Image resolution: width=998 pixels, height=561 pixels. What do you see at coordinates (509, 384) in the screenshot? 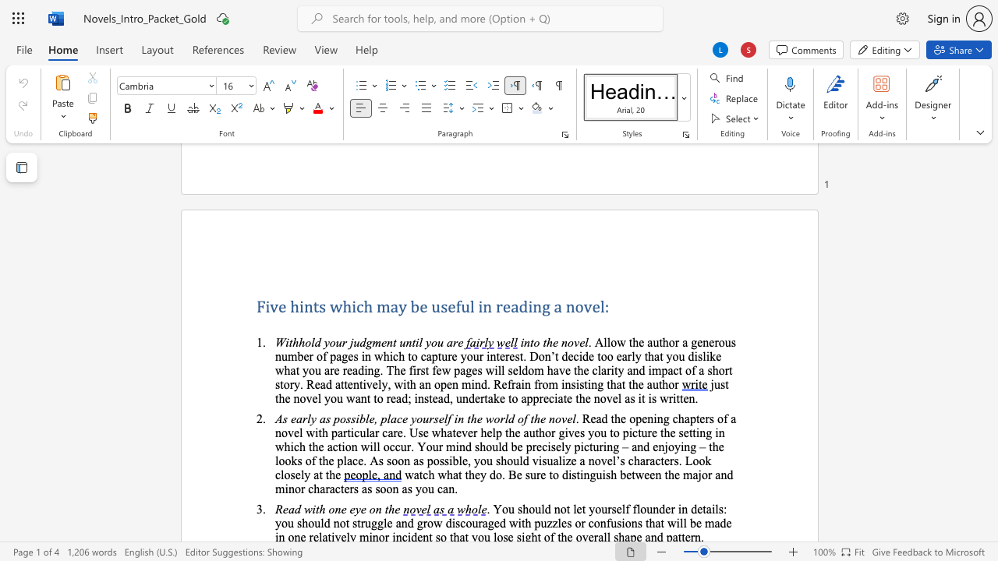
I see `the 4th character "f" in the text` at bounding box center [509, 384].